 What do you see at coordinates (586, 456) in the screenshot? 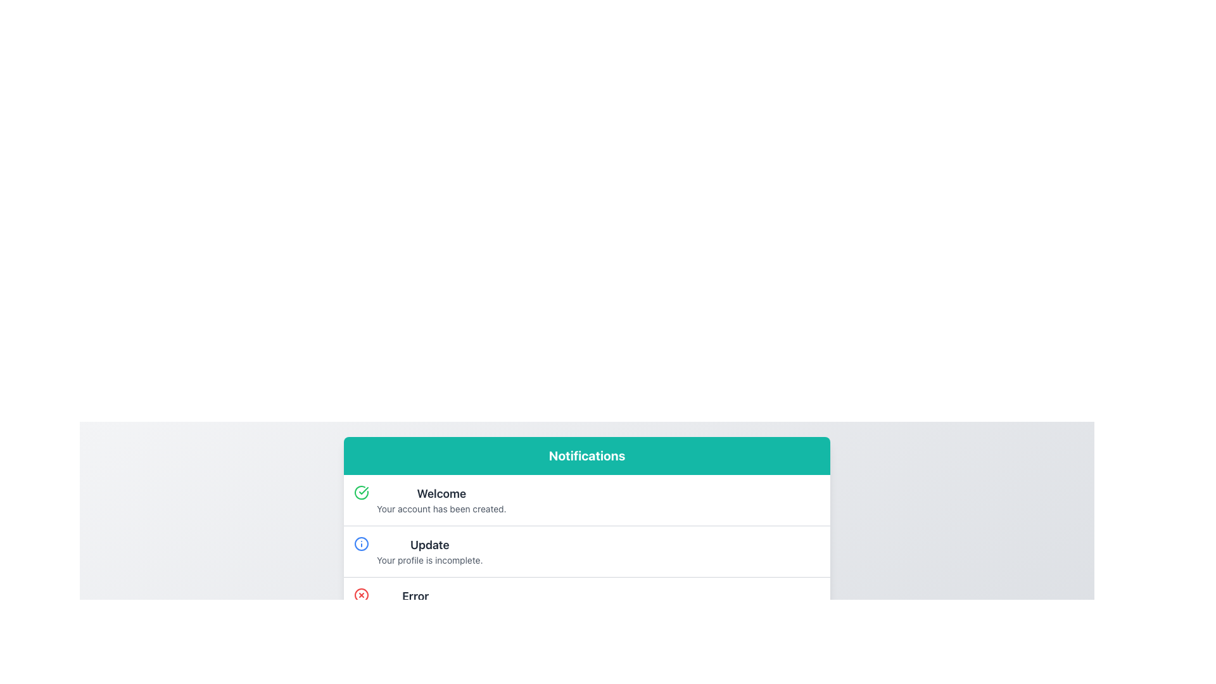
I see `the header banner with a teal background` at bounding box center [586, 456].